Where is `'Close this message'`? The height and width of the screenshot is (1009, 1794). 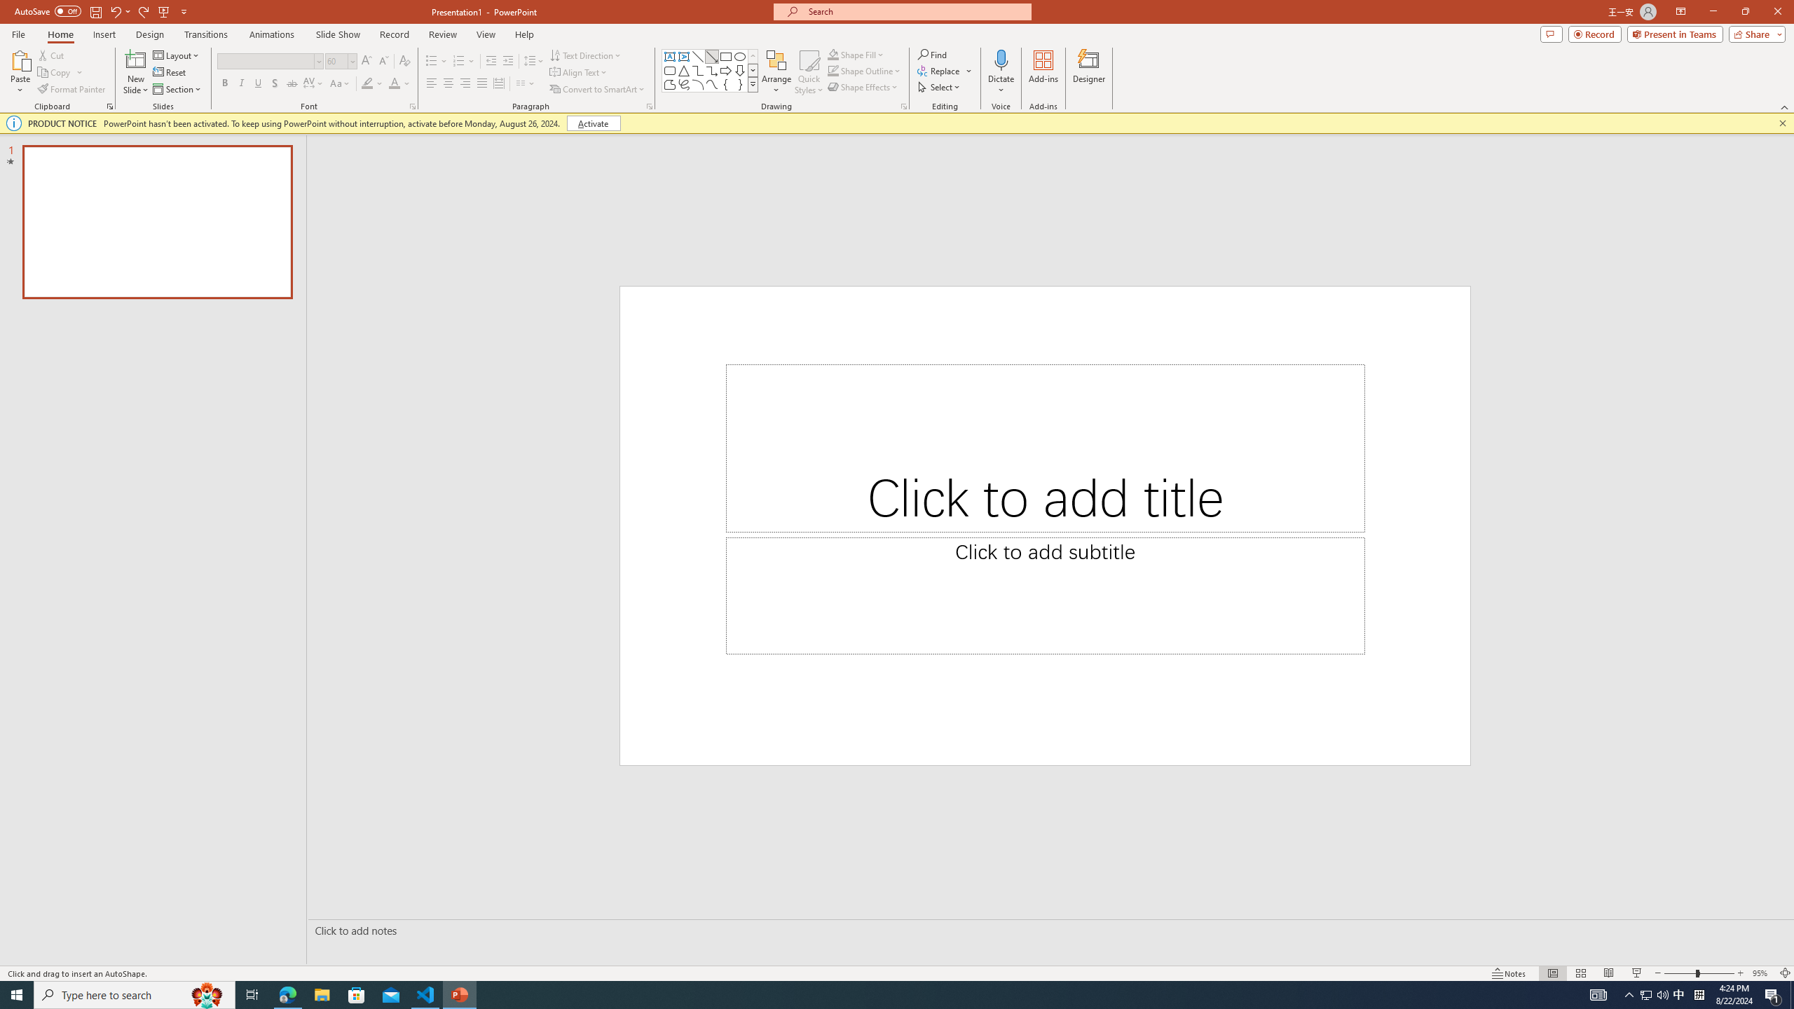 'Close this message' is located at coordinates (1782, 123).